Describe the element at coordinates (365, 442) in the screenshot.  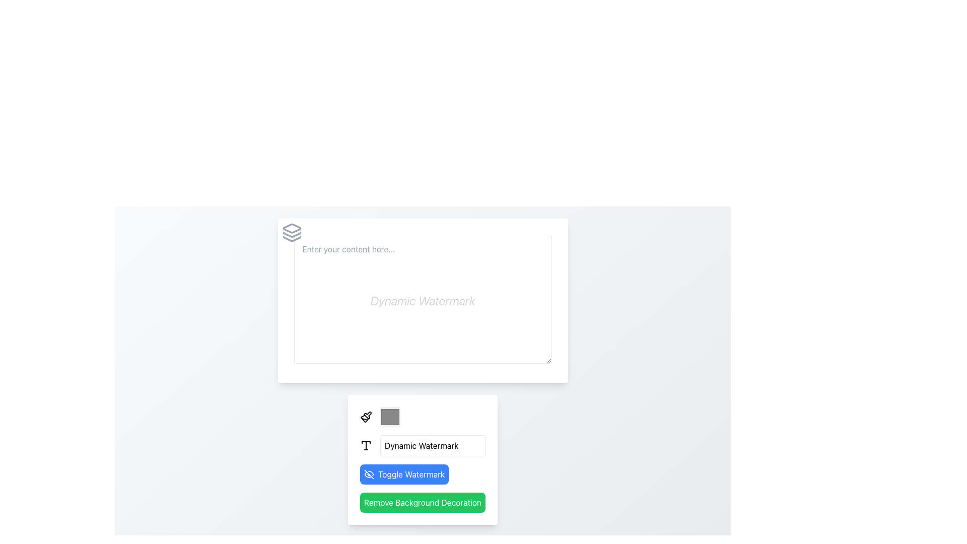
I see `properties of the topmost geometric shape within the SVG graphic located near the top left of the component featuring text inputs and buttons` at that location.